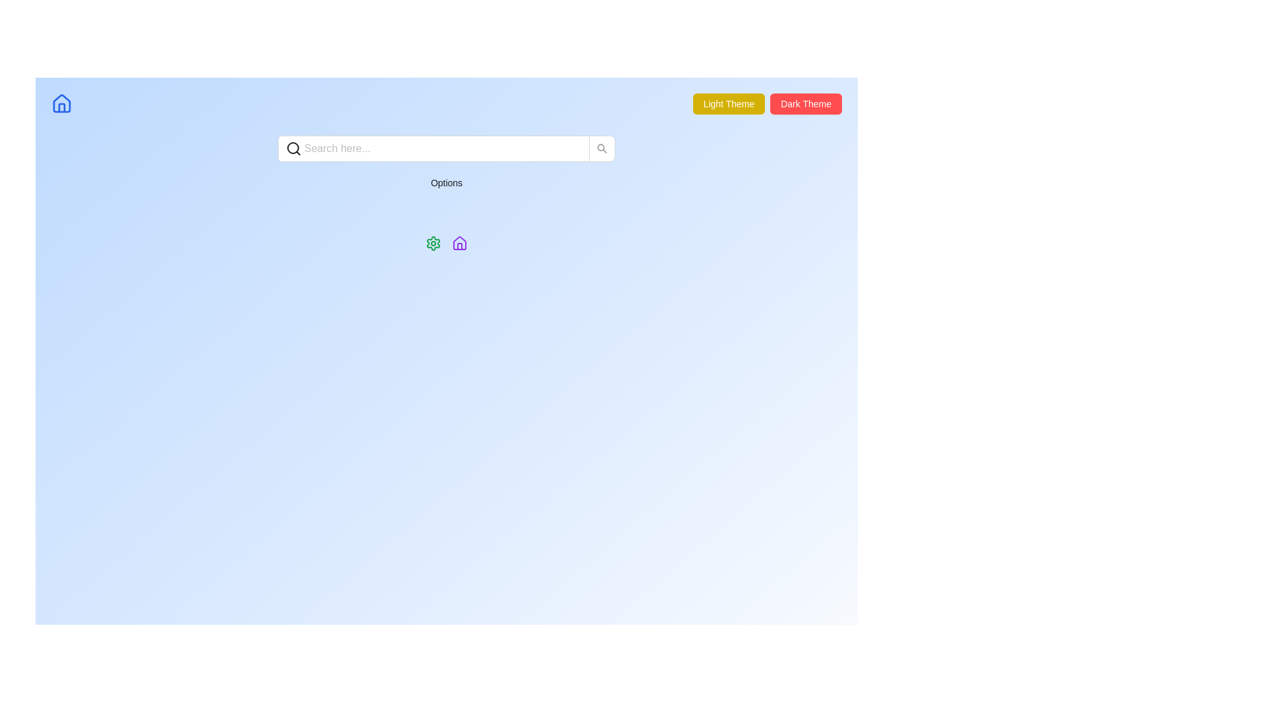  Describe the element at coordinates (446, 164) in the screenshot. I see `the 'Options' text label, which is centered below the search input box and styled in black text on a light backdrop` at that location.